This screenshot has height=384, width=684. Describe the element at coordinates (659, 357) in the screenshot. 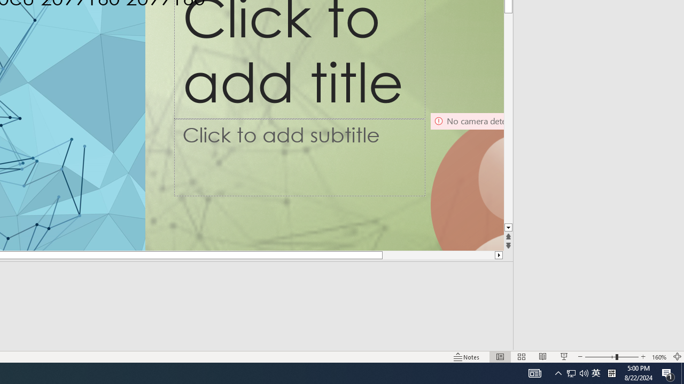

I see `'Zoom 160%'` at that location.